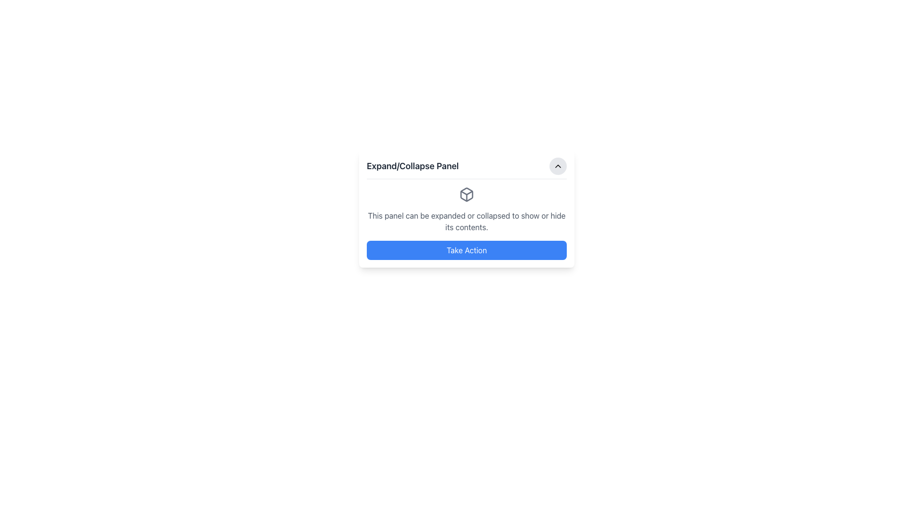 The width and height of the screenshot is (923, 519). What do you see at coordinates (558, 166) in the screenshot?
I see `the small chevron icon with an upward-pointing arrow within a gray circular background located in the top-right corner of the 'Expand/Collapse Panel.'` at bounding box center [558, 166].